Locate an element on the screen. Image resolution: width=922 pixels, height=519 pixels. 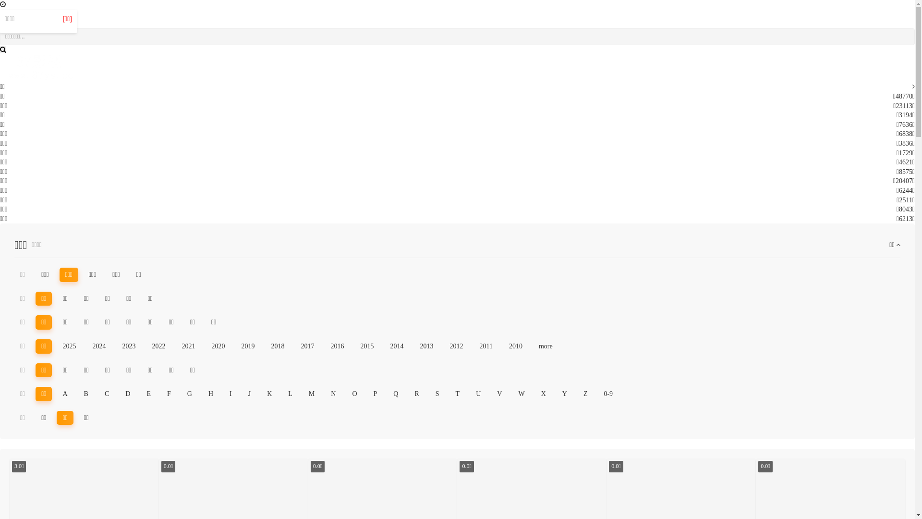
'P' is located at coordinates (375, 394).